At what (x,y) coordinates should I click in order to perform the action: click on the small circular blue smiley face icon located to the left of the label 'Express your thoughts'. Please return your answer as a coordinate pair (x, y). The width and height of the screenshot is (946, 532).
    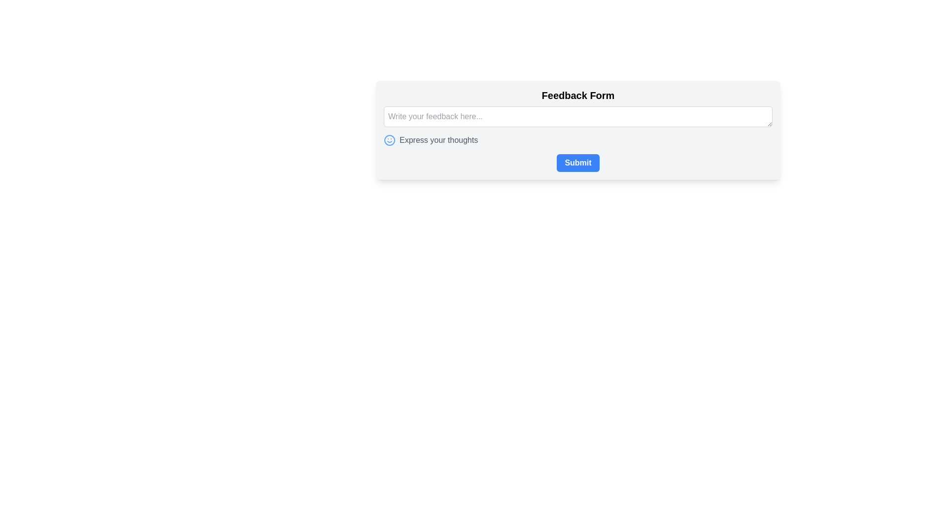
    Looking at the image, I should click on (389, 140).